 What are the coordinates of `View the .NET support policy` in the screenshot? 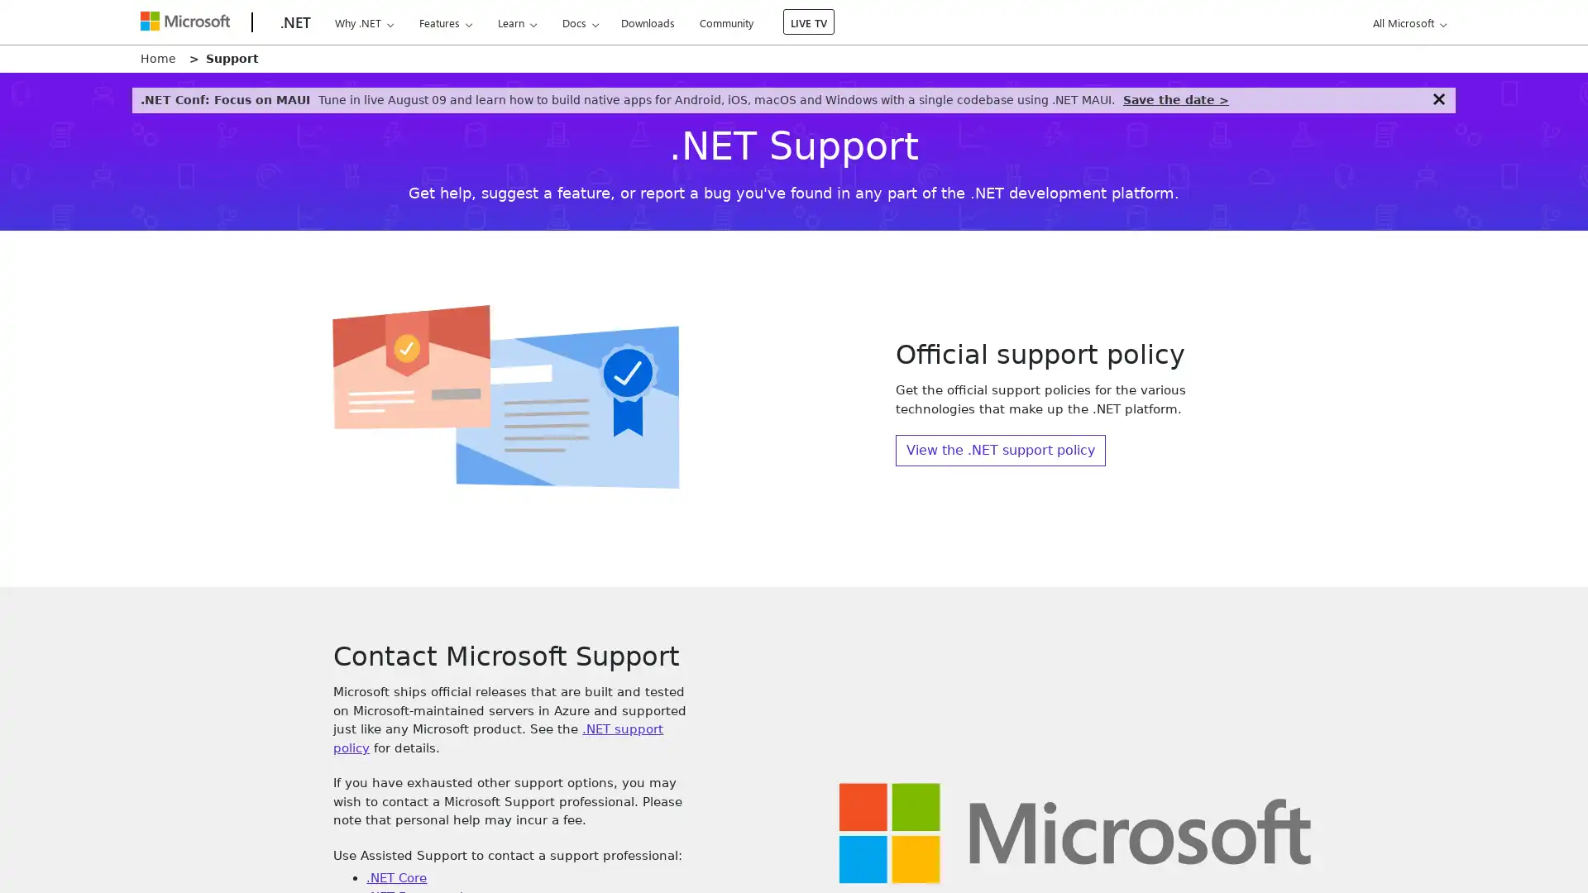 It's located at (999, 450).